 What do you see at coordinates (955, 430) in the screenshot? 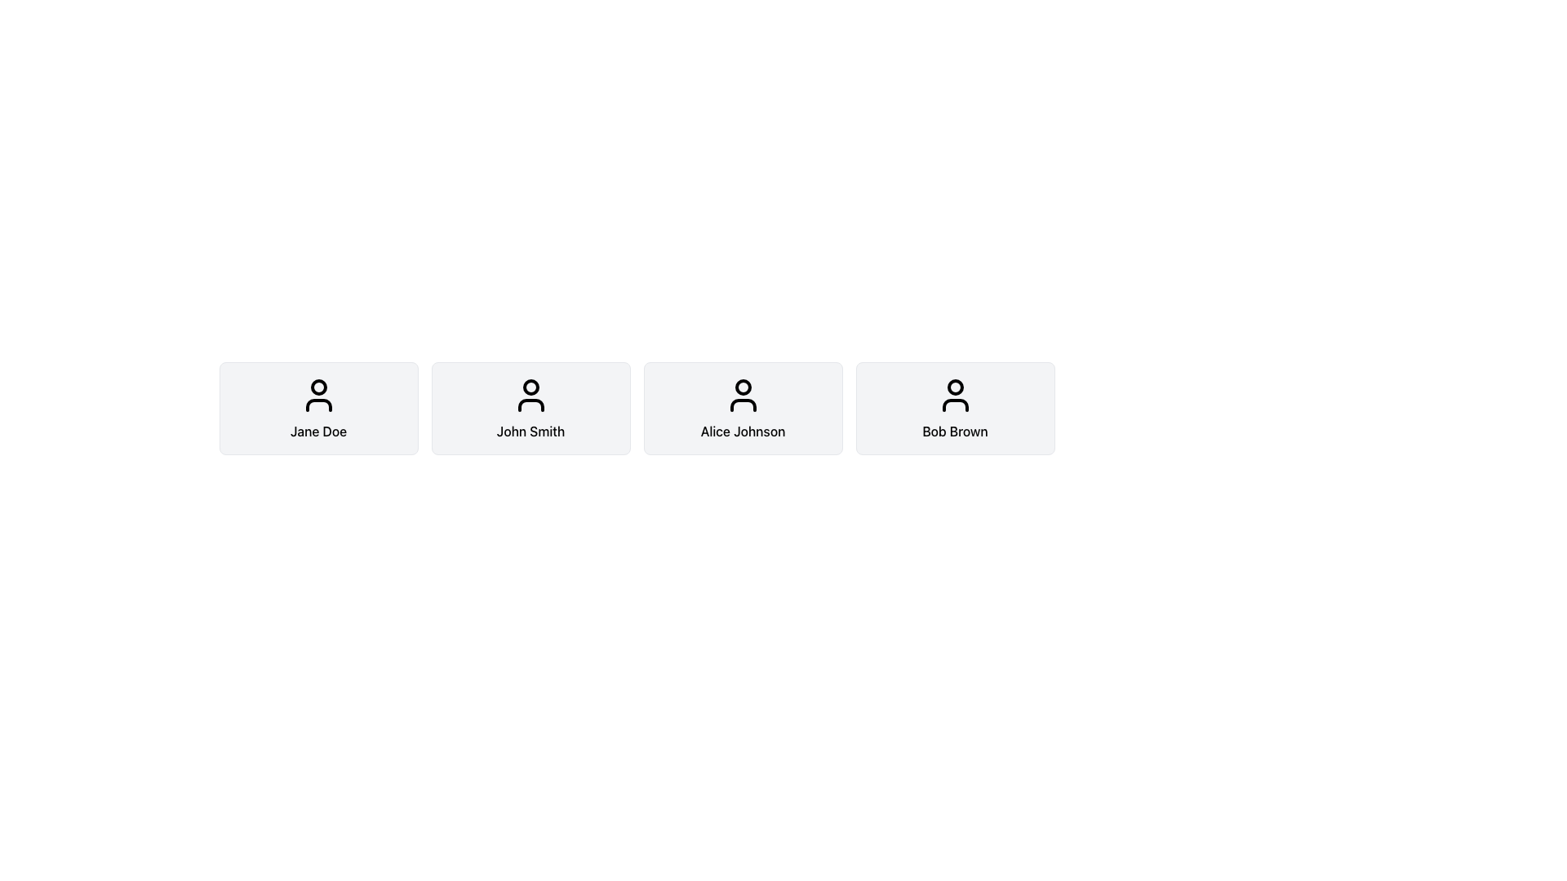
I see `the text label at the bottom of the fourth card from the left, which identifies the individual represented by the card` at bounding box center [955, 430].